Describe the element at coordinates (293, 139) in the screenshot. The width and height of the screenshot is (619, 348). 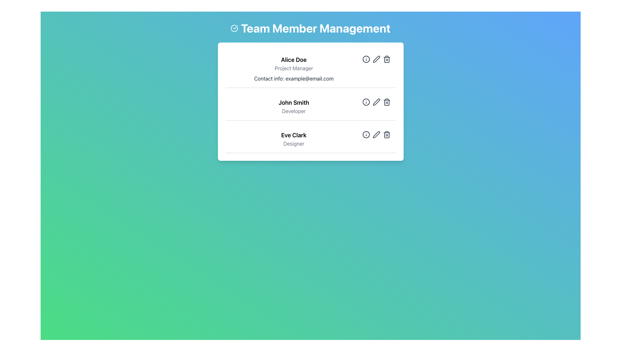
I see `the text block containing the name 'Eve Clark' and the subtext 'Designer', which is located in the third card of the vertically stacked list of team members` at that location.